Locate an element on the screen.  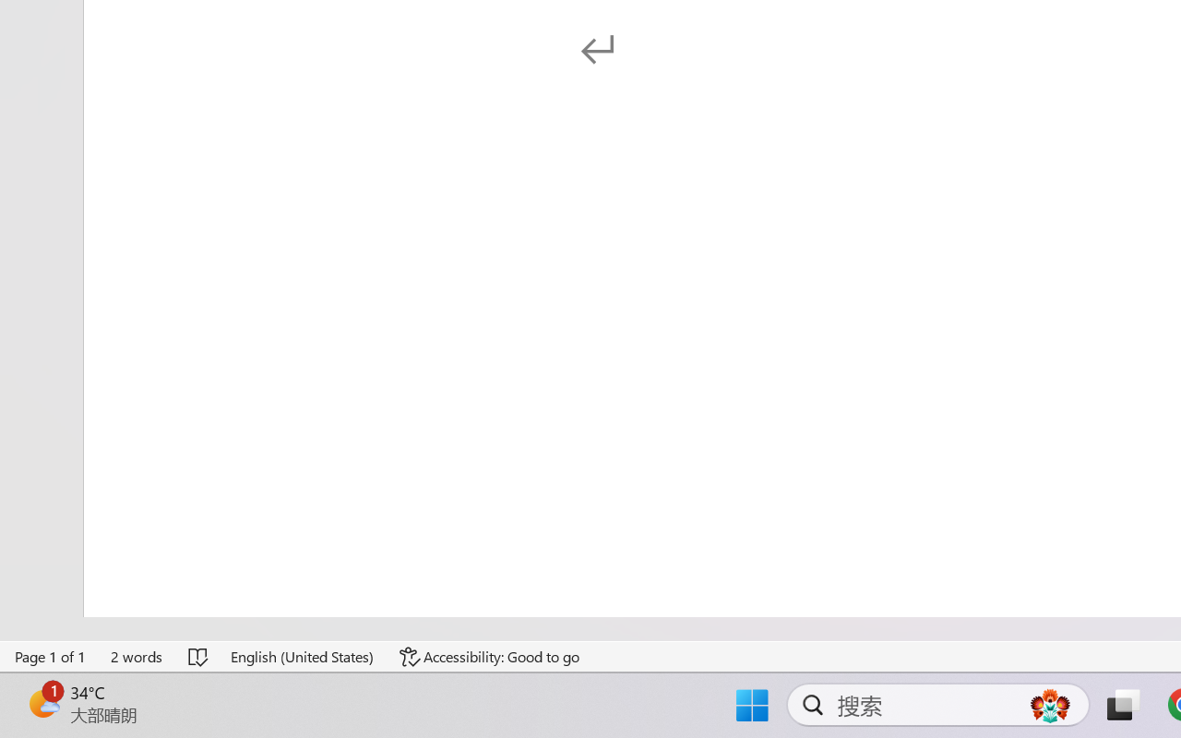
'Spelling and Grammar Check No Errors' is located at coordinates (199, 656).